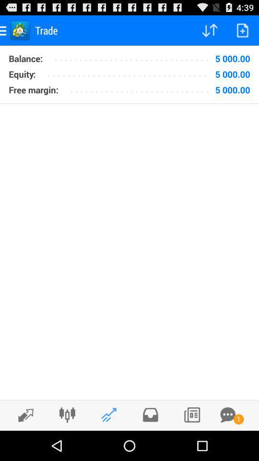  Describe the element at coordinates (227, 414) in the screenshot. I see `new messages` at that location.